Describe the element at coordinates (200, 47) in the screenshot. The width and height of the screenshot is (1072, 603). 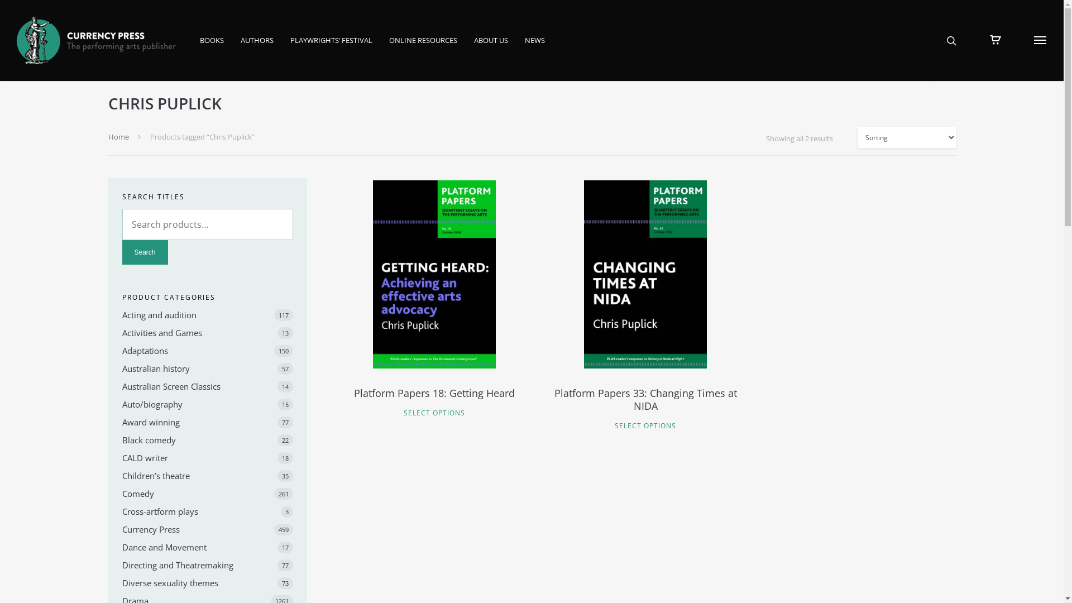
I see `'BOOKS'` at that location.